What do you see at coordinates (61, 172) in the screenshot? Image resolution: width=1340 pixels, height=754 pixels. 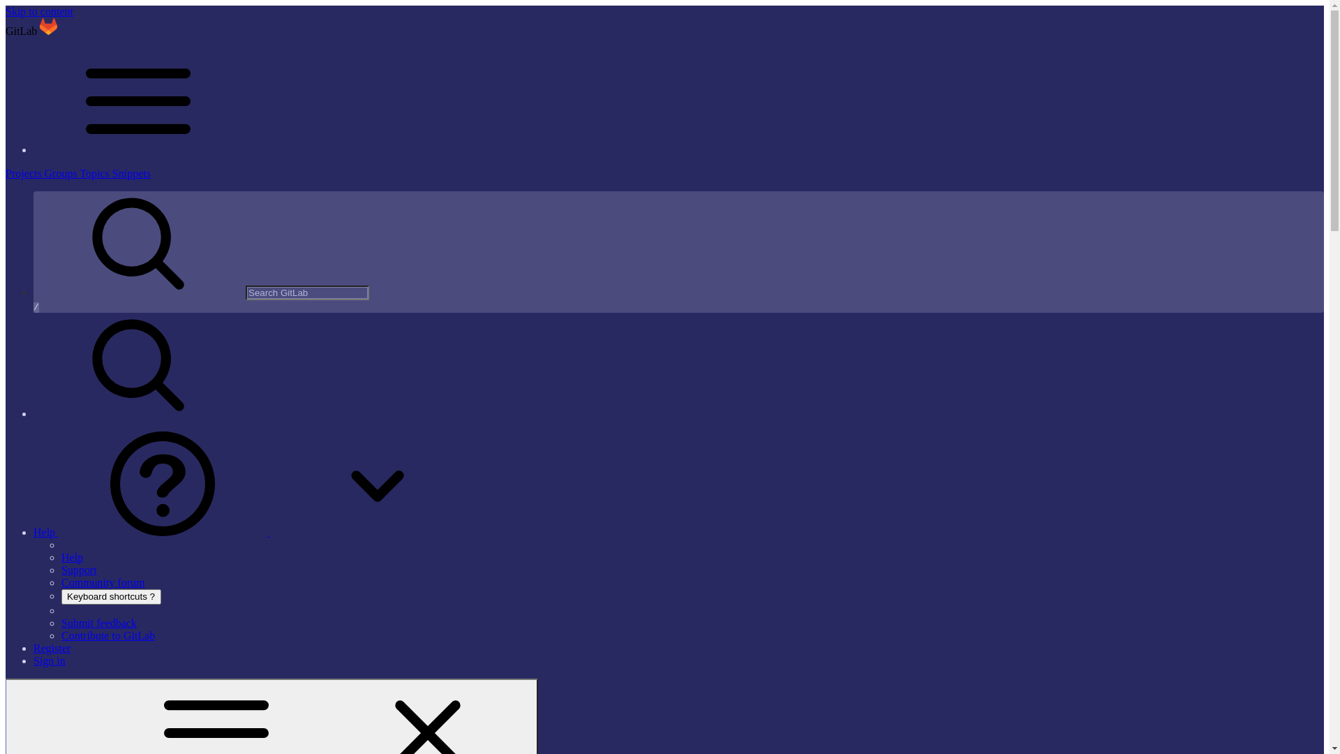 I see `'Groups'` at bounding box center [61, 172].